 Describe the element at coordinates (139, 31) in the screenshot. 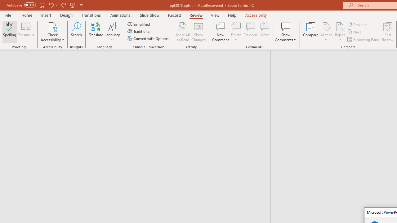

I see `'Traditional'` at that location.